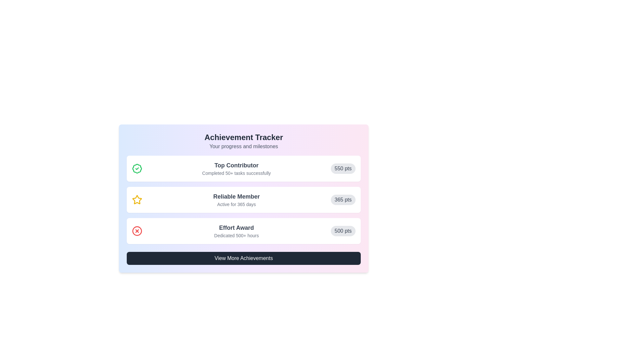 This screenshot has width=624, height=351. I want to click on the achievement icon located at the top-left corner of the 'Top Contributor' card, preceding the text 'Top Contributor', so click(137, 168).